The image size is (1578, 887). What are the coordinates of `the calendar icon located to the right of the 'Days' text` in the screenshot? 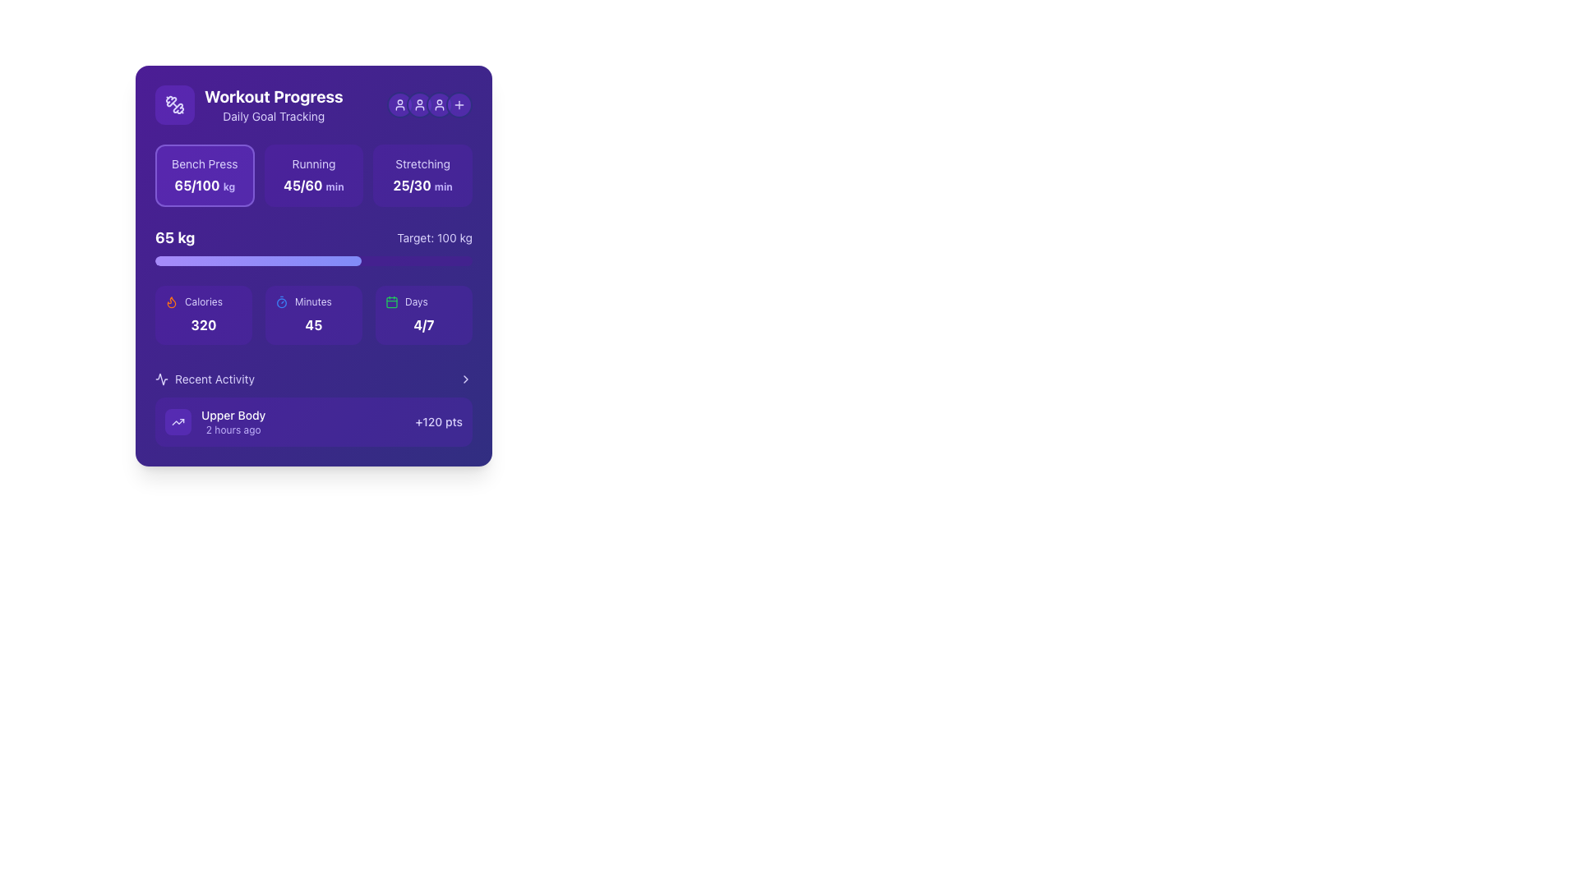 It's located at (390, 301).